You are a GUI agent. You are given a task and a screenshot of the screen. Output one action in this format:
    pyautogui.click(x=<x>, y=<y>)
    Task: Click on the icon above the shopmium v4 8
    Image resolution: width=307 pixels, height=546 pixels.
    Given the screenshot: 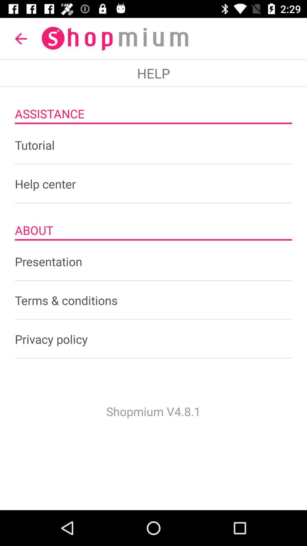 What is the action you would take?
    pyautogui.click(x=153, y=339)
    